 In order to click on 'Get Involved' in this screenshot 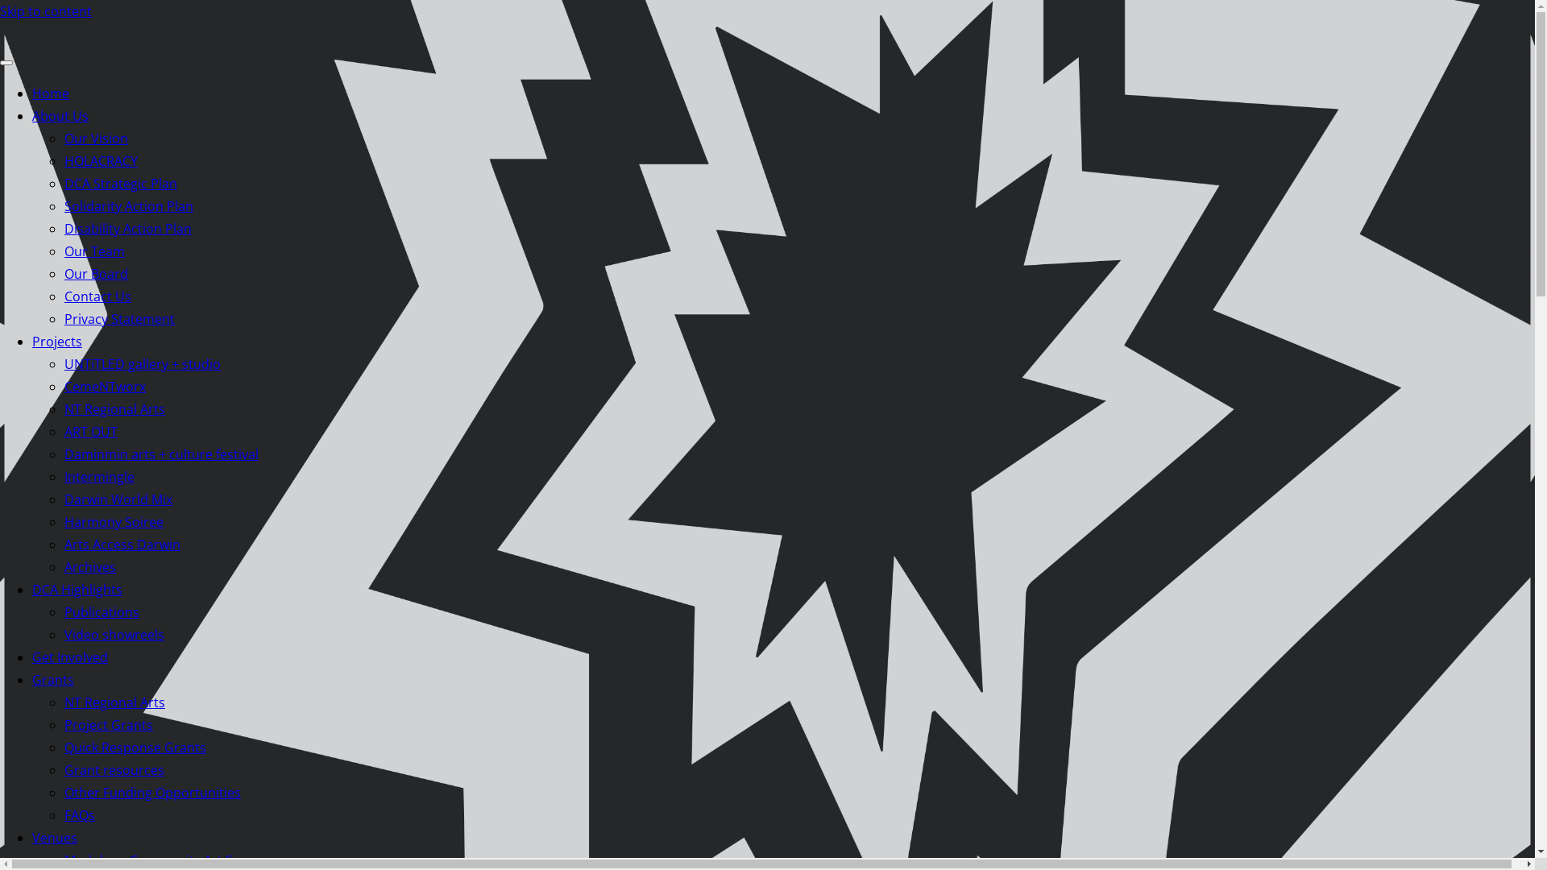, I will do `click(68, 657)`.